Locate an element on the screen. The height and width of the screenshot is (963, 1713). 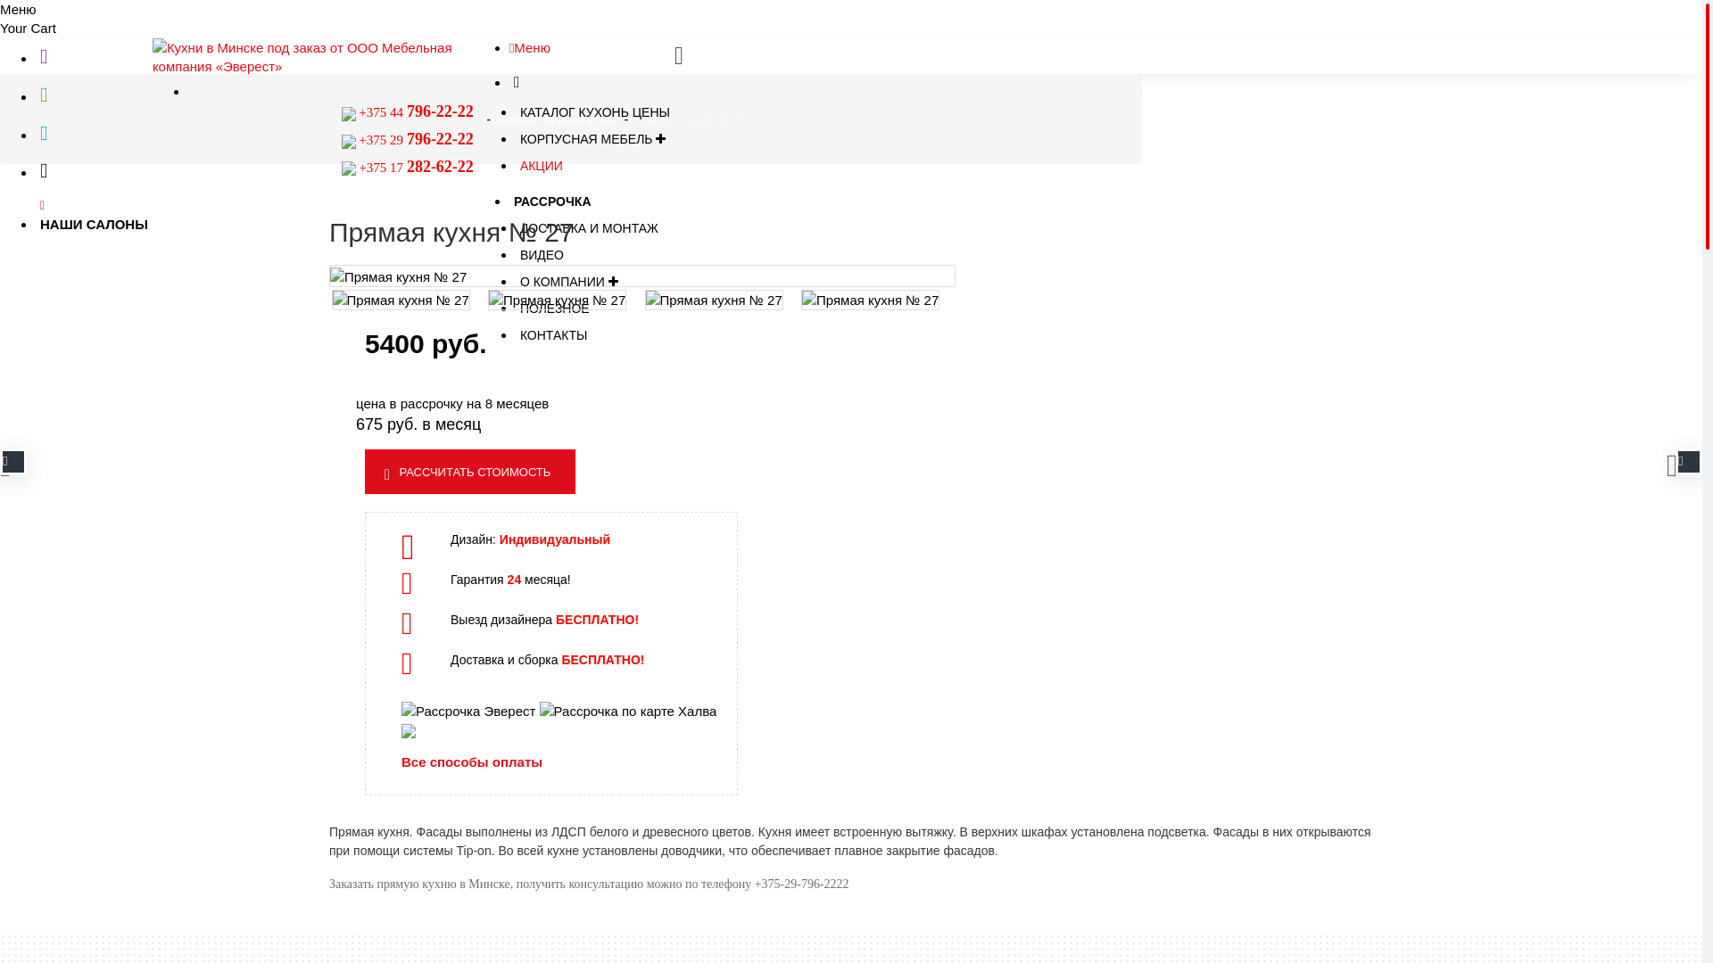
' +375 44 796-22-22' is located at coordinates (414, 112).